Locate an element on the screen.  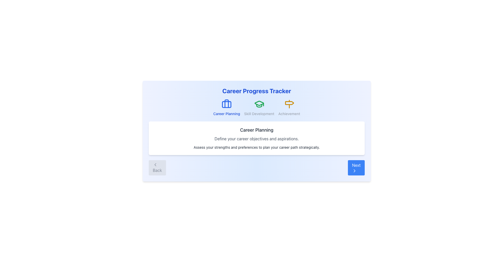
the lower horizontal area of the briefcase icon, which is part of the 'Career Progress Tracker' section is located at coordinates (226, 104).